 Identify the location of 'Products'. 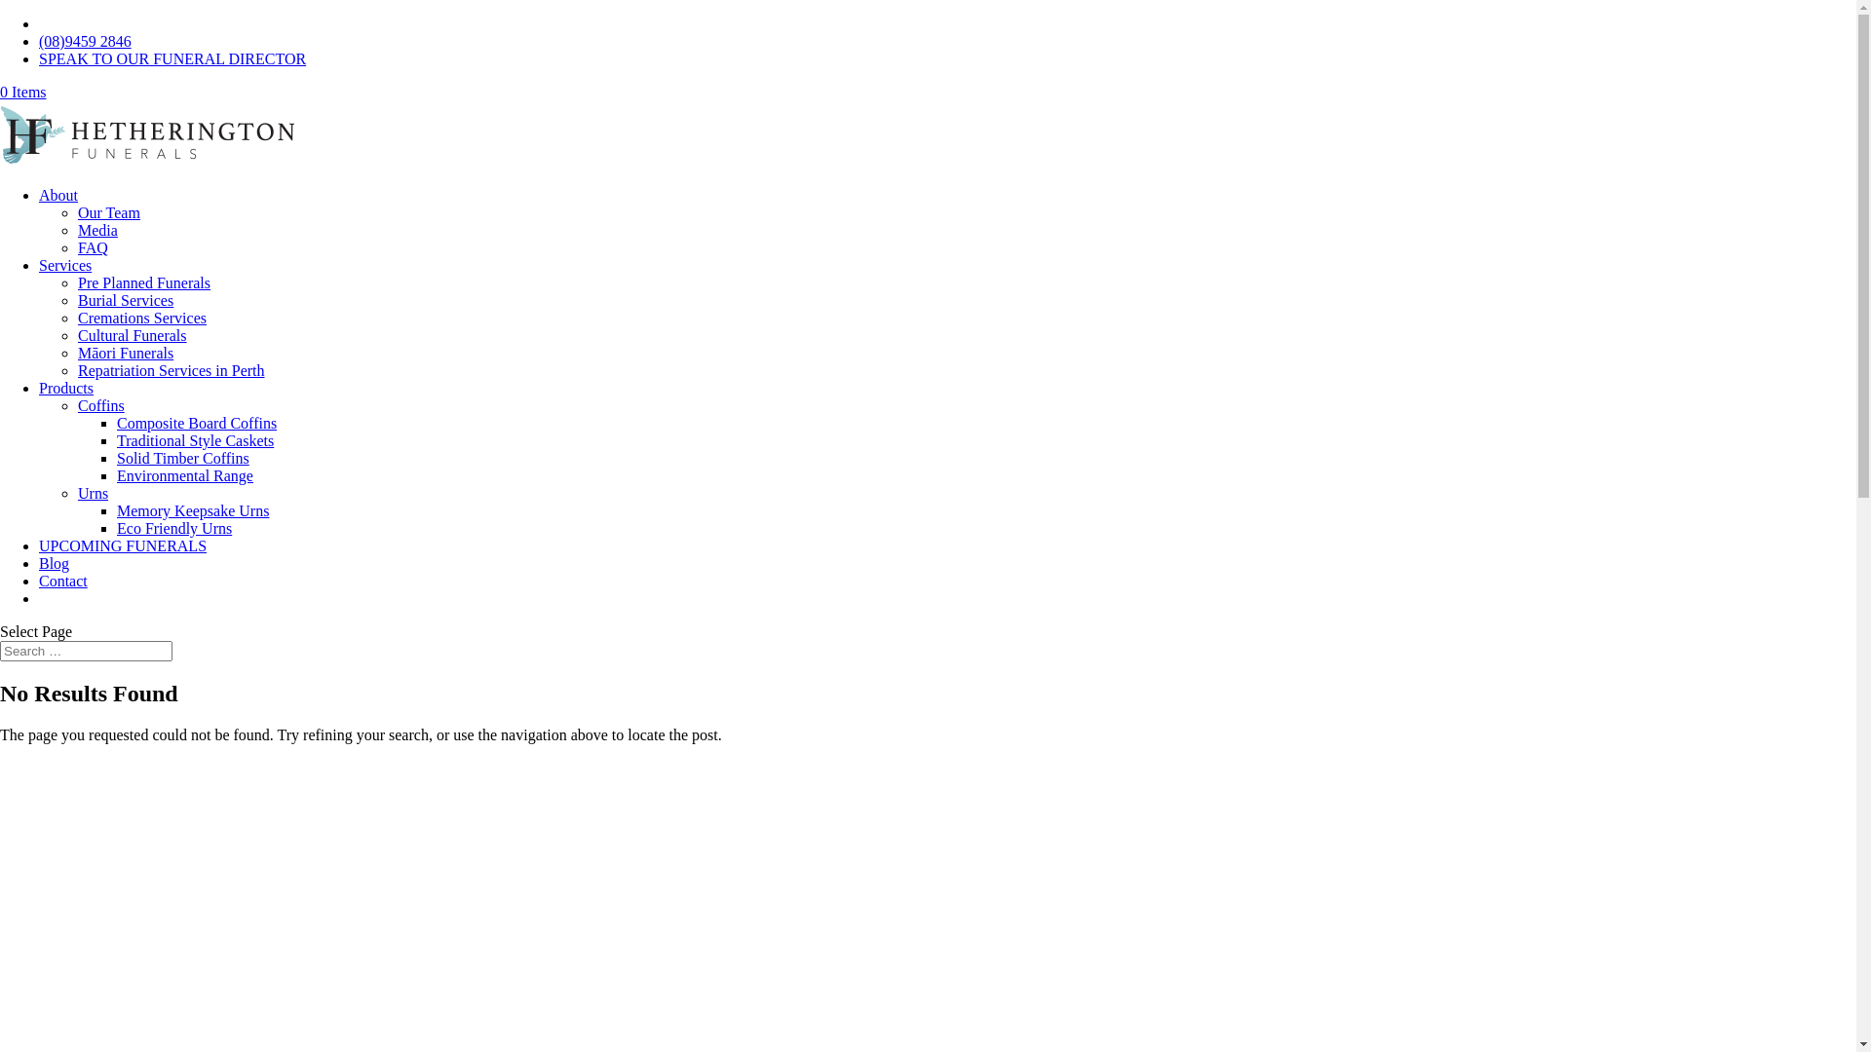
(38, 388).